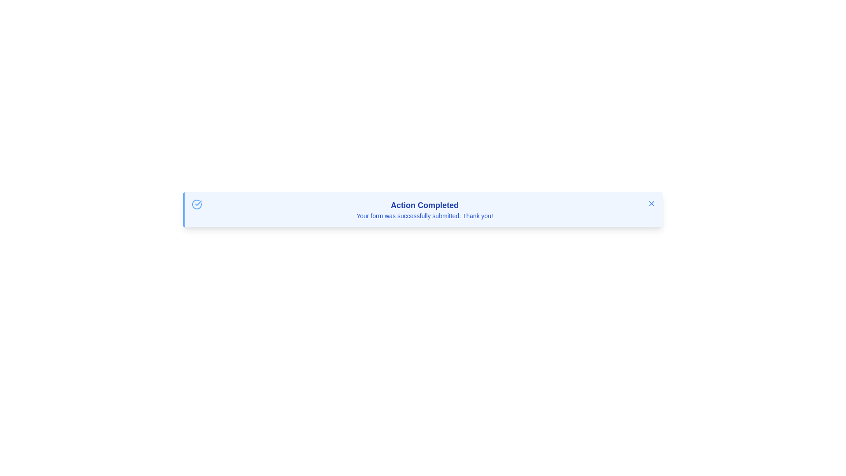 The image size is (846, 476). What do you see at coordinates (423, 209) in the screenshot?
I see `the notification box with a light blue background and a blue border that displays 'Action Completed'` at bounding box center [423, 209].